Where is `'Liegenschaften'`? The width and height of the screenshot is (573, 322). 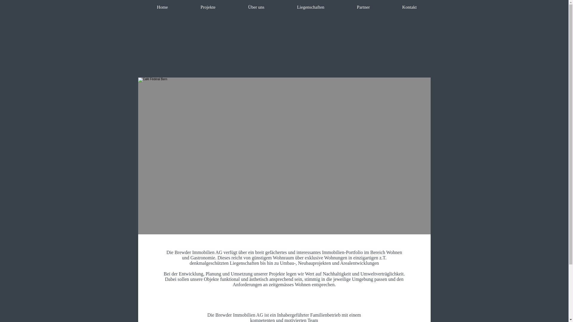 'Liegenschaften' is located at coordinates (310, 7).